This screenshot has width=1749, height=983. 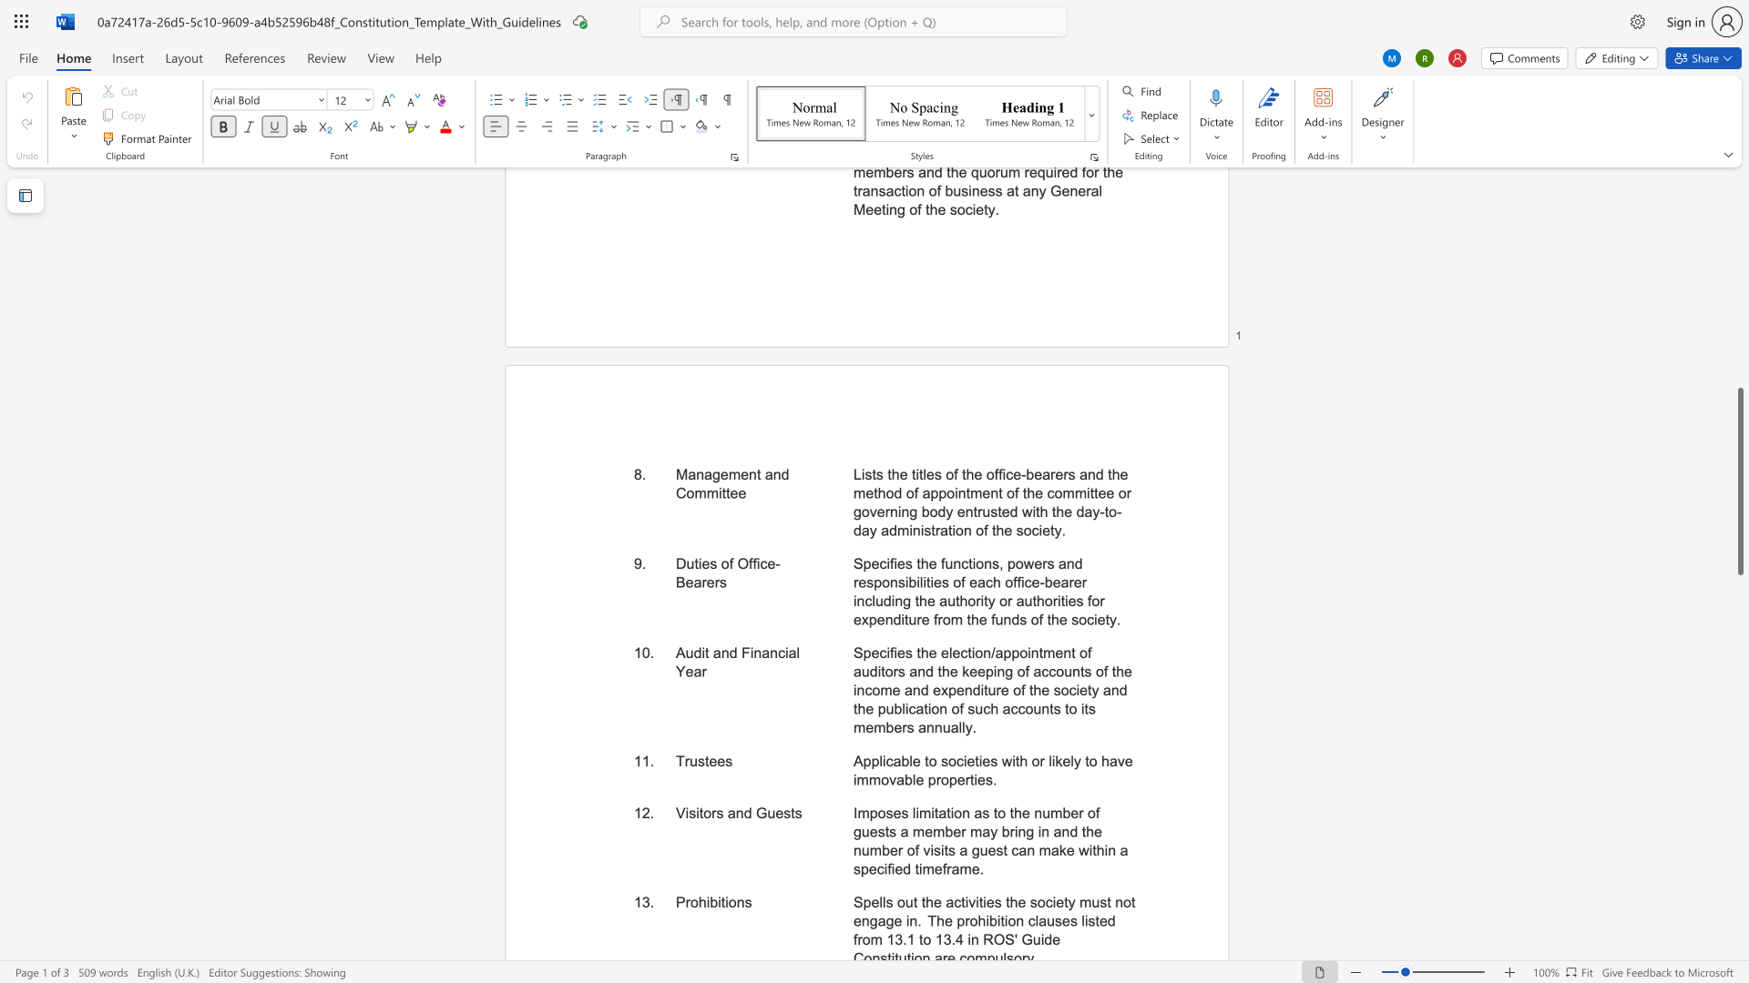 I want to click on the subset text "ies of Office-Be" within the text "Duties of Office-Bearers", so click(x=697, y=562).